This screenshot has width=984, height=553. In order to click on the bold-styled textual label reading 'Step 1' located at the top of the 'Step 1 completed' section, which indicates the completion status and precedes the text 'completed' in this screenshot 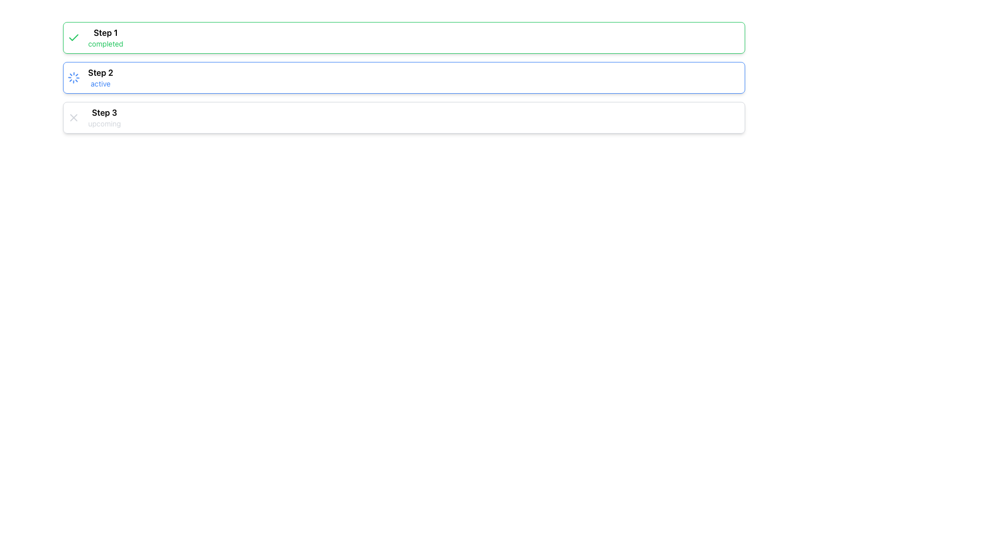, I will do `click(106, 32)`.